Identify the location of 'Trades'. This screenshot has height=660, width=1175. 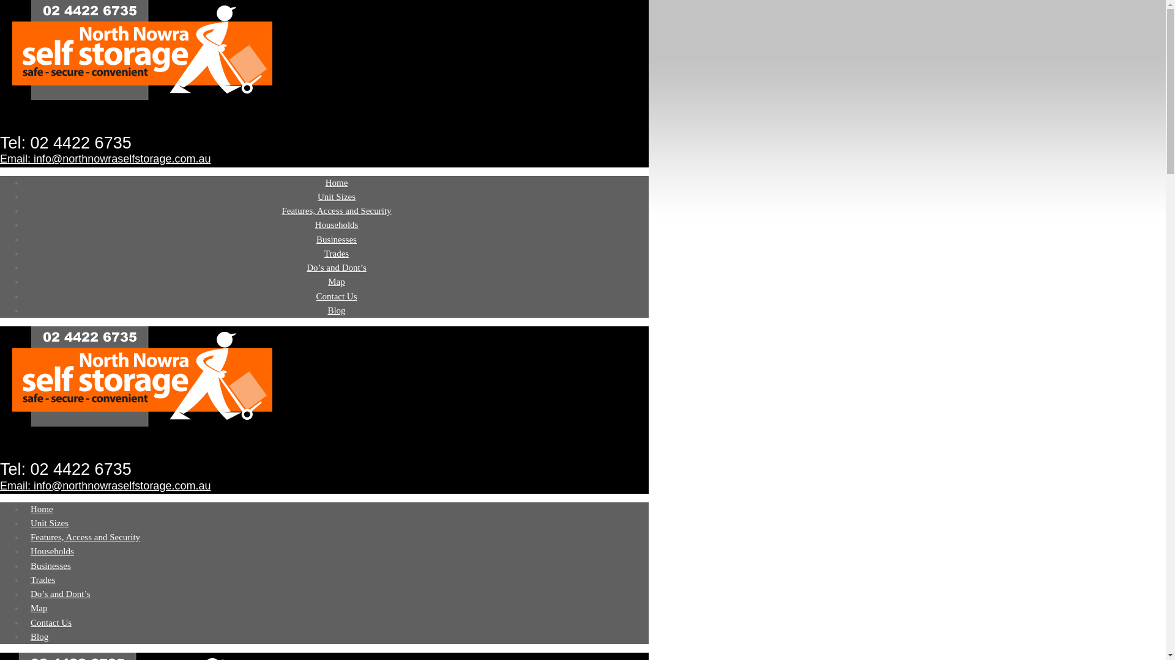
(43, 579).